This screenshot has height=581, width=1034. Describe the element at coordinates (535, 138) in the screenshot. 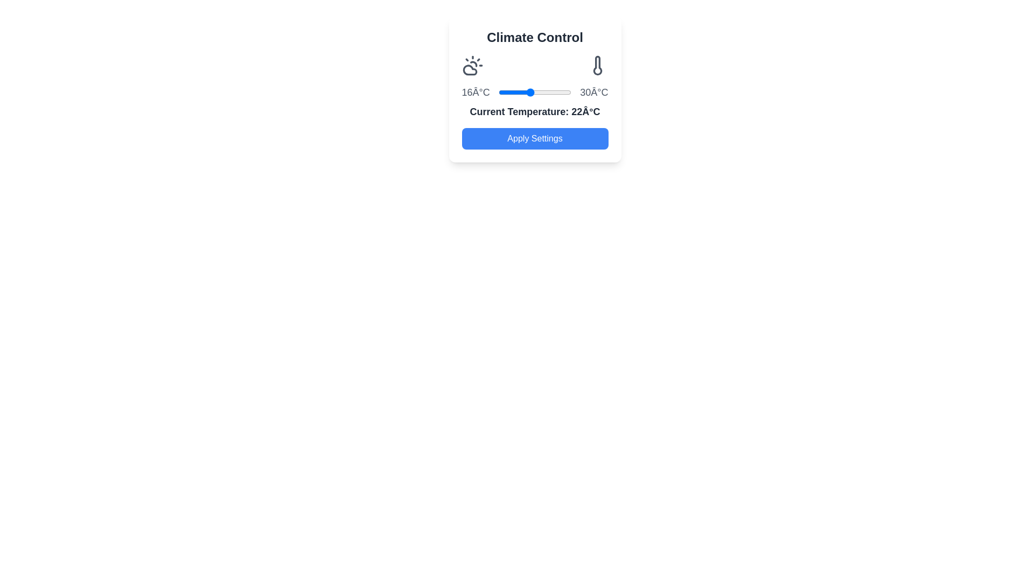

I see `the button located at the bottom of the 'Climate Control' card, directly beneath the text 'Current Temperature: 22°C', to apply settings related to climate control adjustments` at that location.